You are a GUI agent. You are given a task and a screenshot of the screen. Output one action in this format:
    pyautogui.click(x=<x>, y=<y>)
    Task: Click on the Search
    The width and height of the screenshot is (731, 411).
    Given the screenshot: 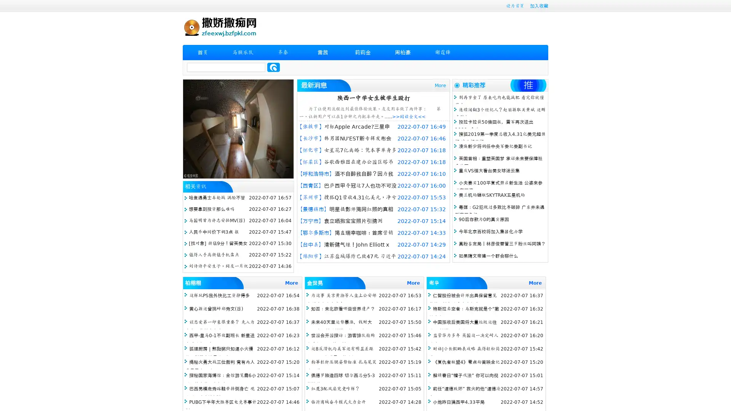 What is the action you would take?
    pyautogui.click(x=273, y=67)
    